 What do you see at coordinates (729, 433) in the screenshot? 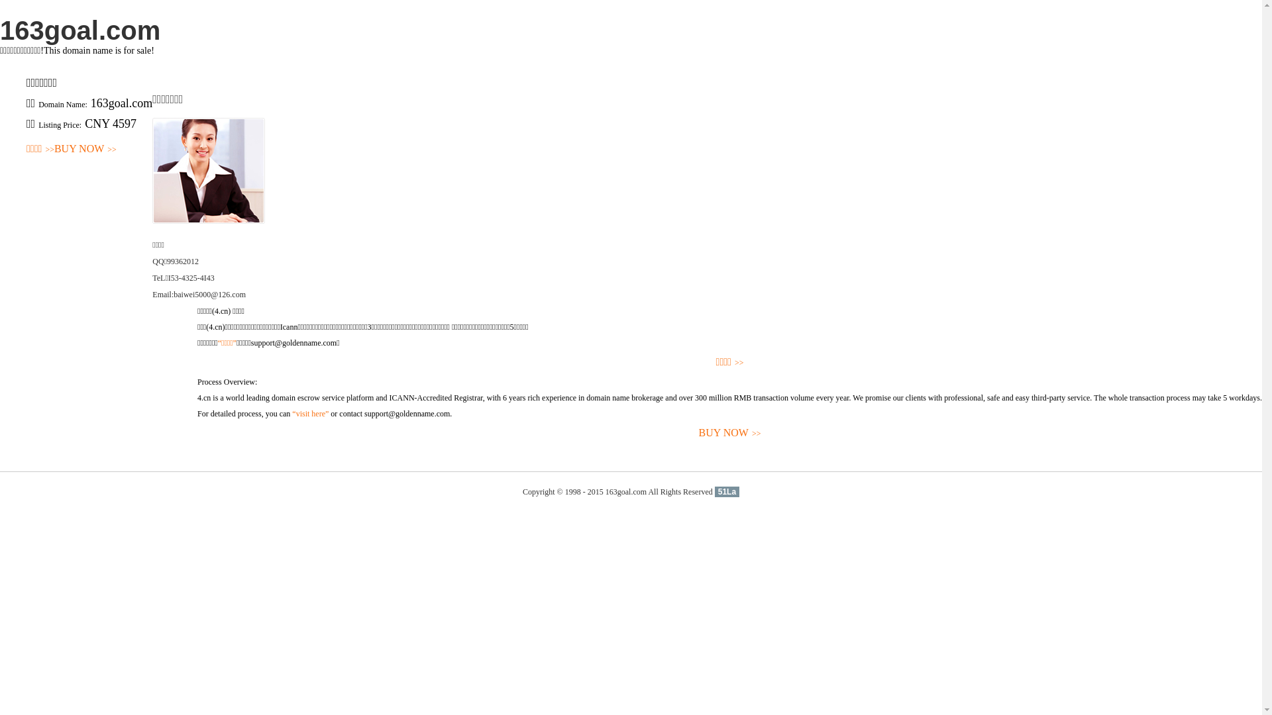
I see `'BUY NOW>>'` at bounding box center [729, 433].